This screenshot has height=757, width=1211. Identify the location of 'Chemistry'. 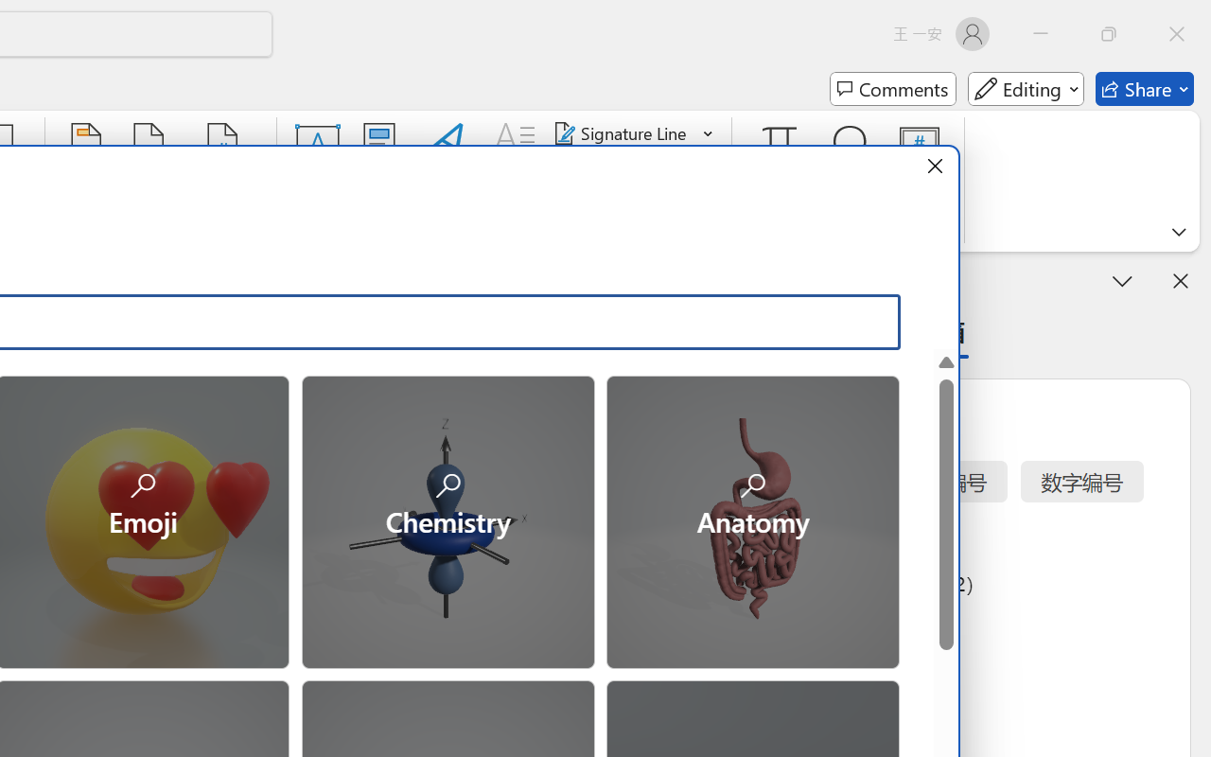
(446, 519).